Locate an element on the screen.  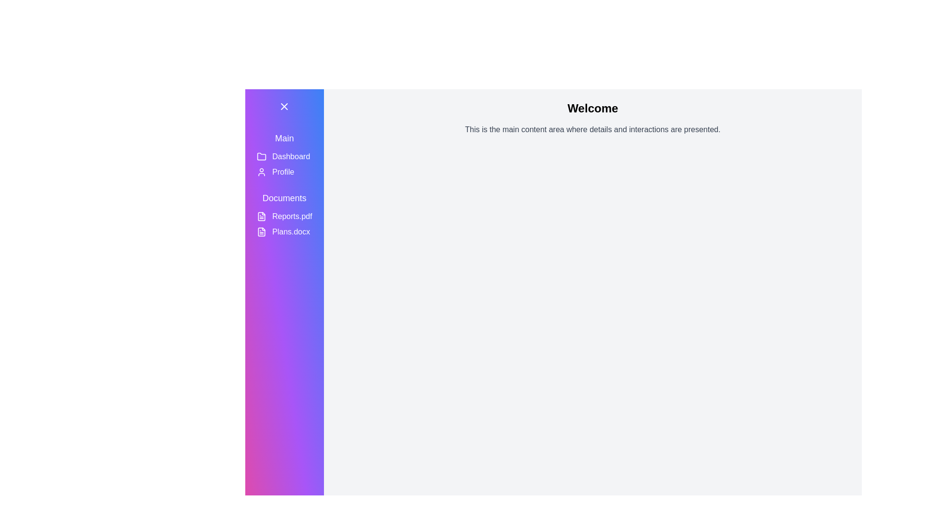
the user profile icon located in the vertical navigation bar, which is a small circular head and shoulders icon with a line outline, positioned to the left of the 'Profile' text is located at coordinates (262, 172).